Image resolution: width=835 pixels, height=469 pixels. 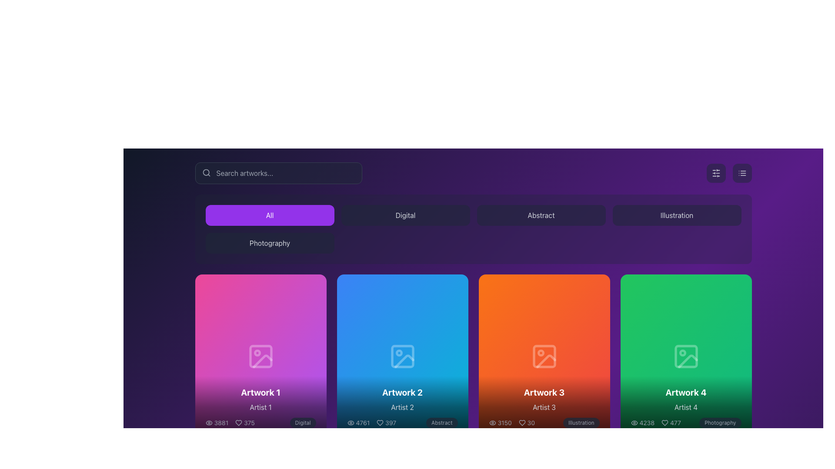 What do you see at coordinates (244, 422) in the screenshot?
I see `numeric label displaying '375' which indicates the like or favorite count, located to the right of a heart-shaped icon in the bottom section of the 'Artwork 1' card` at bounding box center [244, 422].